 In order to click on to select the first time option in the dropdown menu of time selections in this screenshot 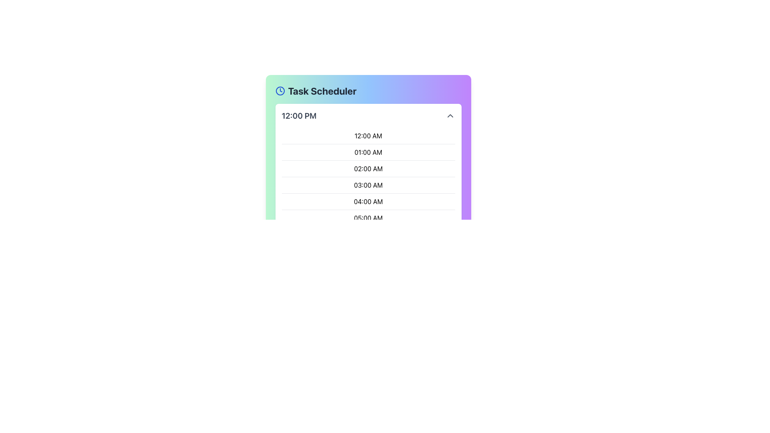, I will do `click(368, 136)`.